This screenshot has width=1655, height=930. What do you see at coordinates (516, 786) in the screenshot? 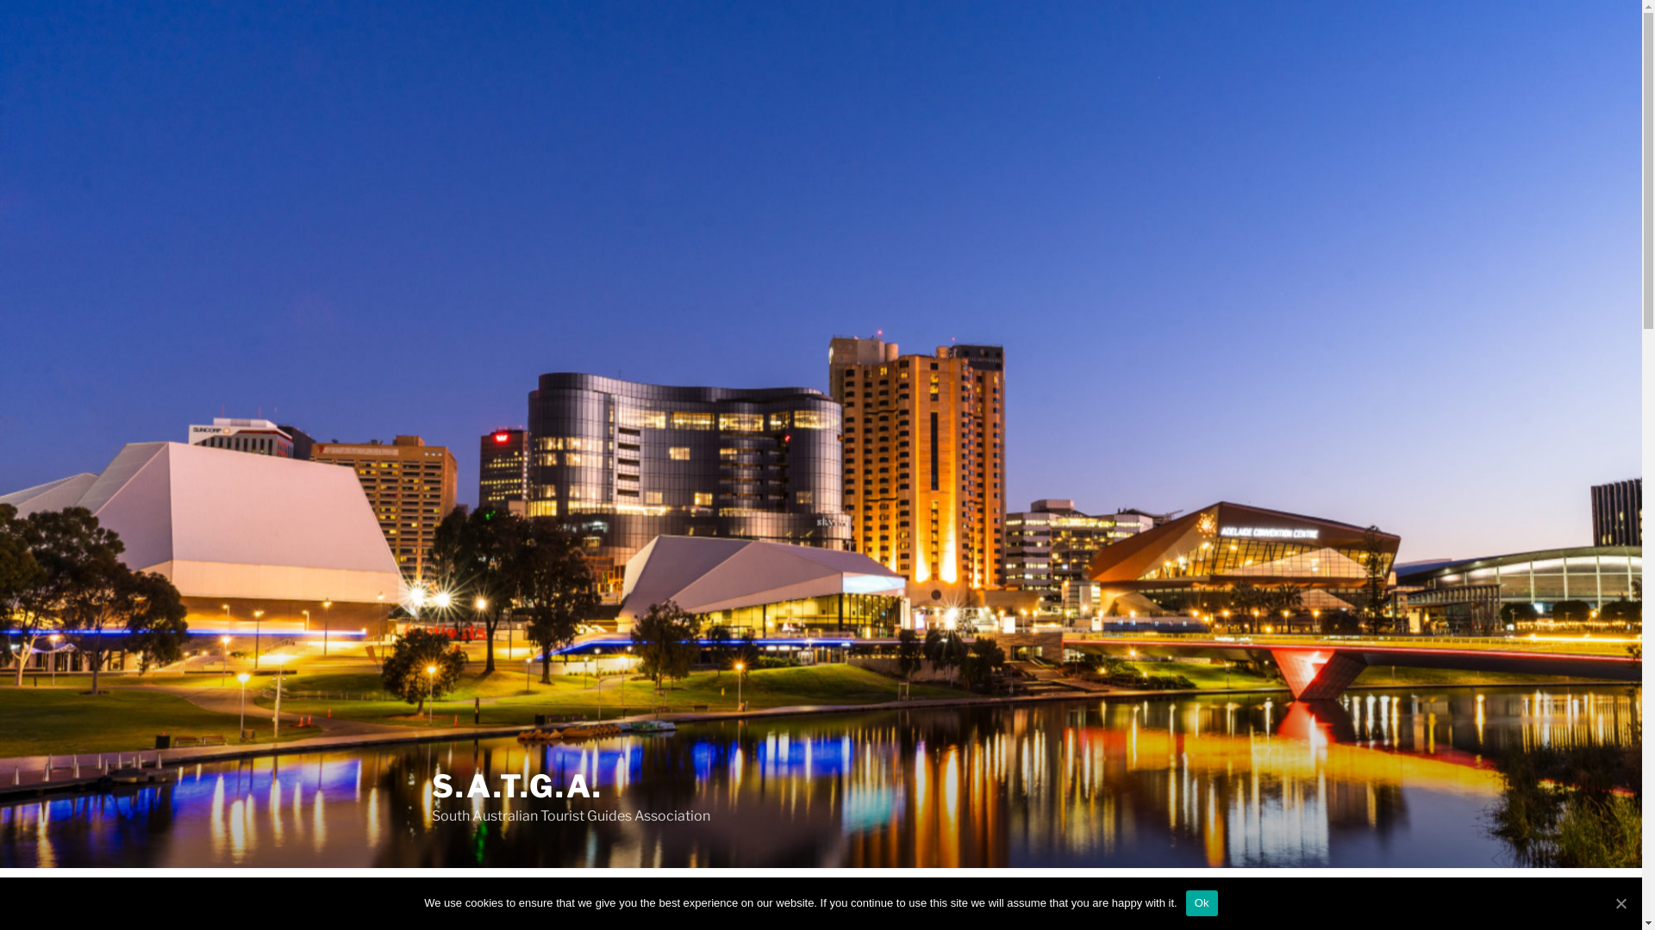
I see `'S.A.T.G.A.'` at bounding box center [516, 786].